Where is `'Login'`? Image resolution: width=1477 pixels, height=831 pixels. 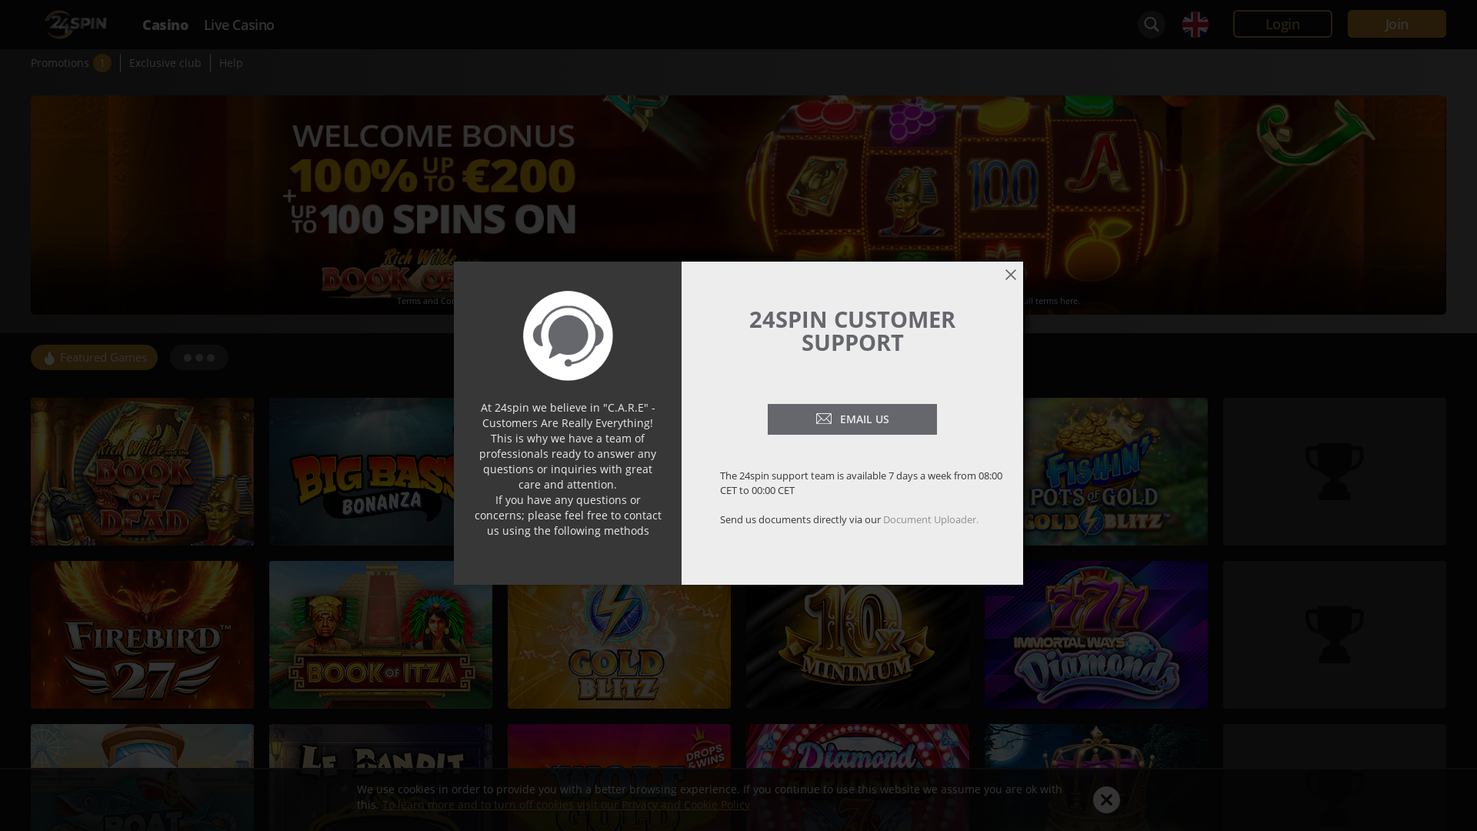
'Login' is located at coordinates (1282, 23).